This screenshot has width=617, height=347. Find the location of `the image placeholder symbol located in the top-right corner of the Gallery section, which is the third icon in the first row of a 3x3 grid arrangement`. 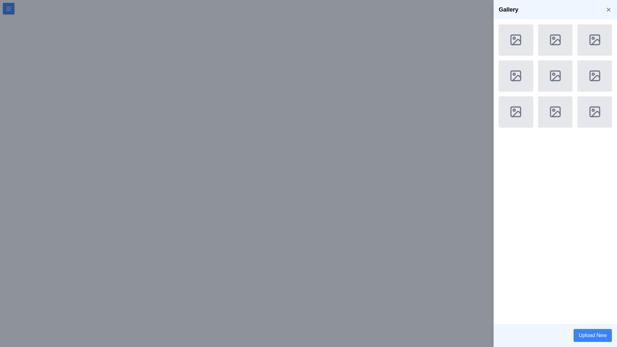

the image placeholder symbol located in the top-right corner of the Gallery section, which is the third icon in the first row of a 3x3 grid arrangement is located at coordinates (595, 42).